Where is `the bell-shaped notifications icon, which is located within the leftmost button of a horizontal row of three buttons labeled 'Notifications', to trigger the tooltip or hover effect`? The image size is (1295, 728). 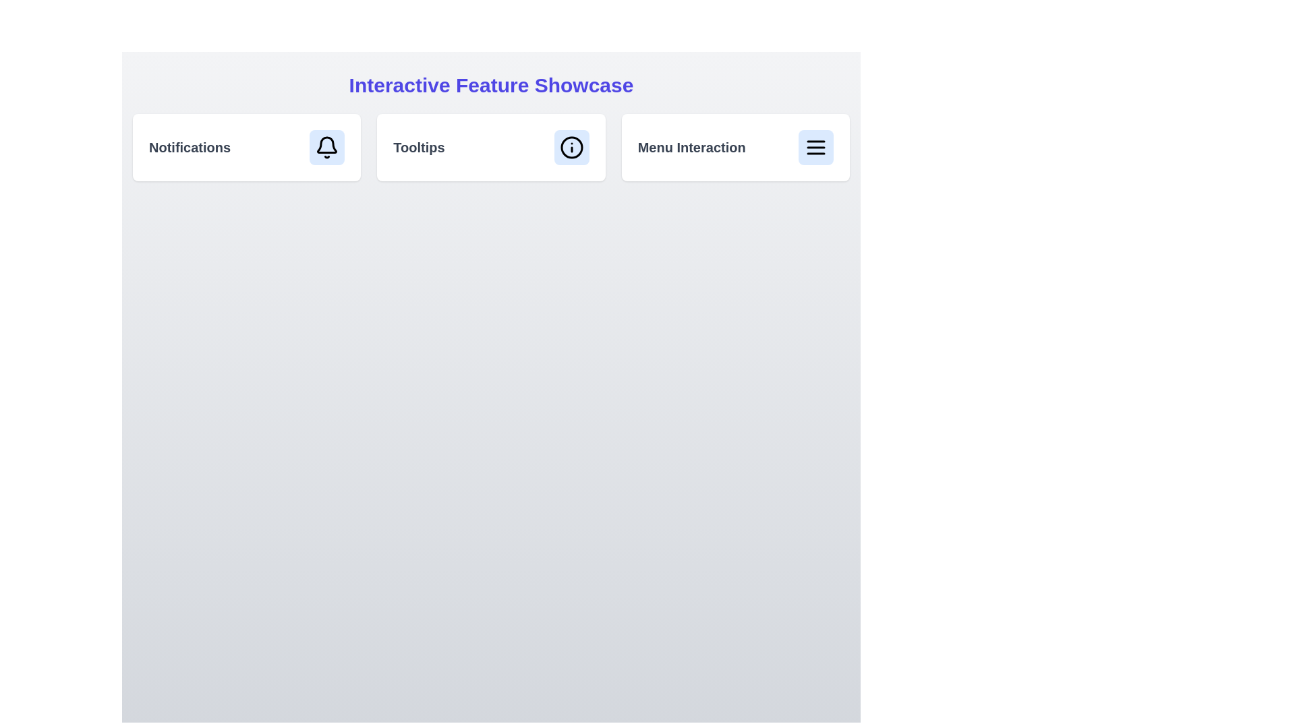 the bell-shaped notifications icon, which is located within the leftmost button of a horizontal row of three buttons labeled 'Notifications', to trigger the tooltip or hover effect is located at coordinates (327, 145).